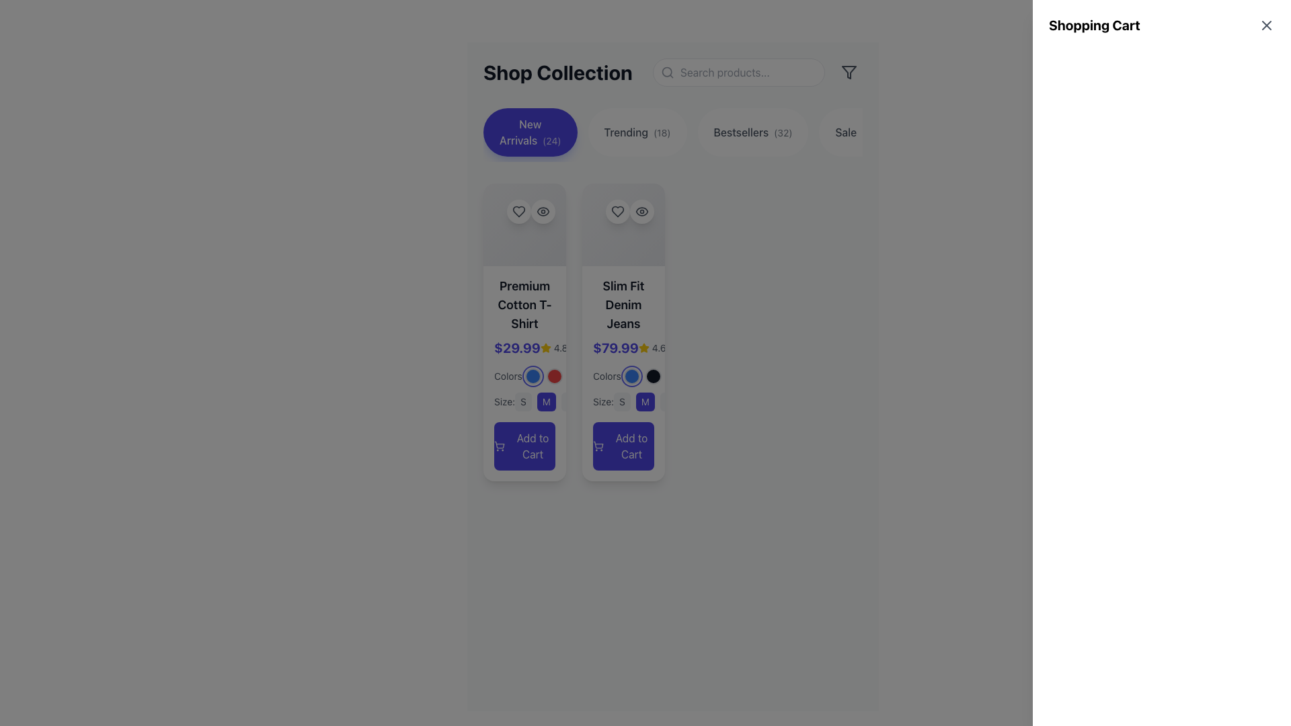  Describe the element at coordinates (623, 401) in the screenshot. I see `the size selection button labeled 'S', which is the first in a list of four size options located` at that location.